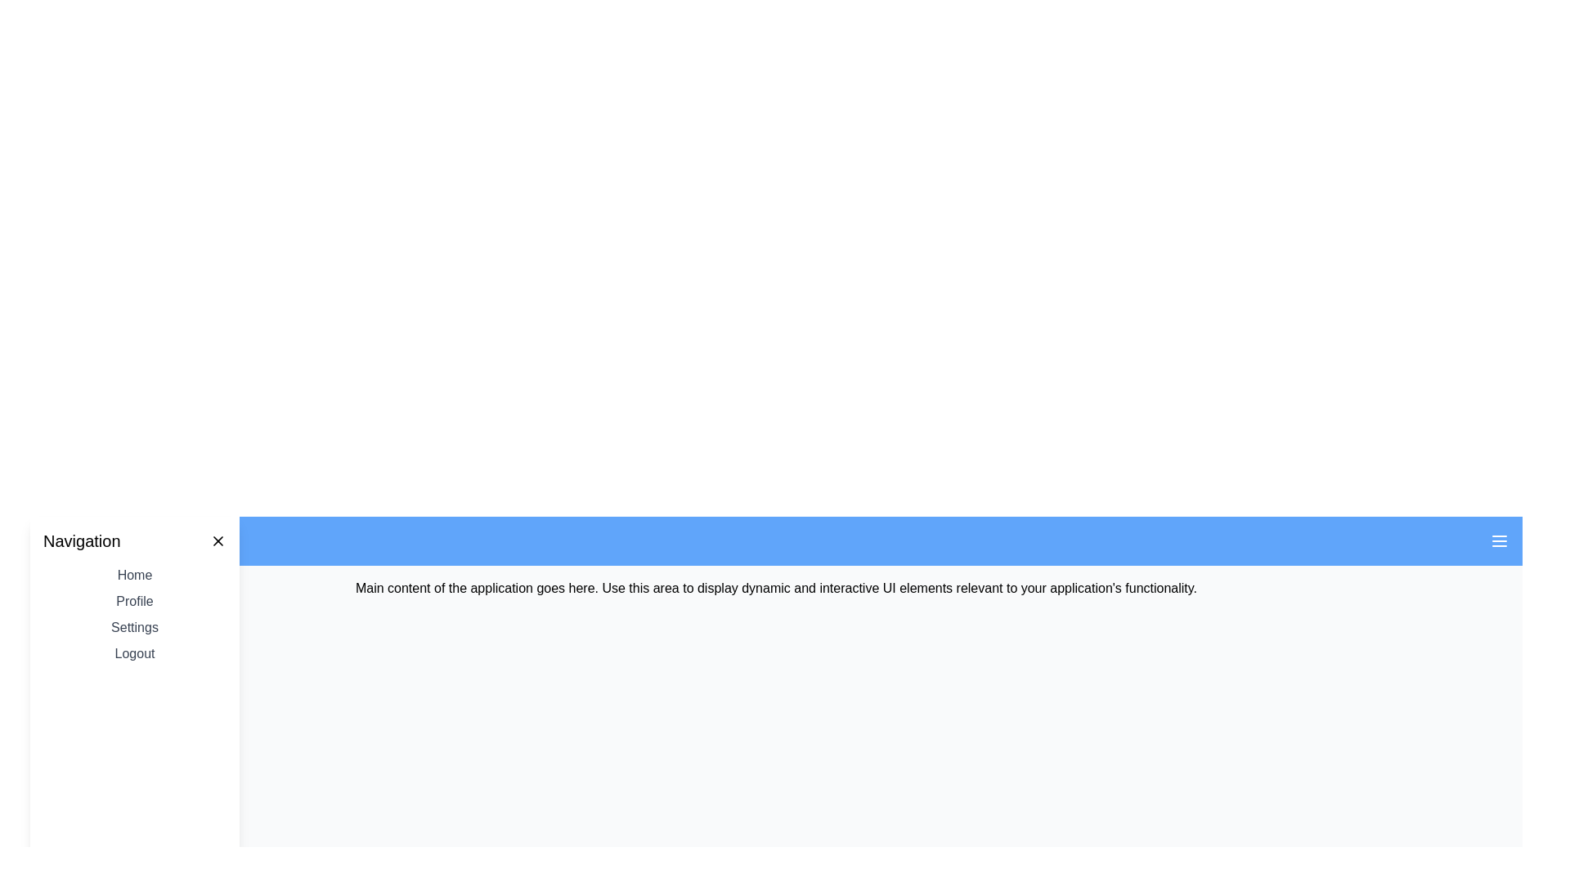 The height and width of the screenshot is (883, 1570). I want to click on the 'Profile' button located in the navigation sidebar, which is the second option in the vertical list of navigation items, so click(134, 602).